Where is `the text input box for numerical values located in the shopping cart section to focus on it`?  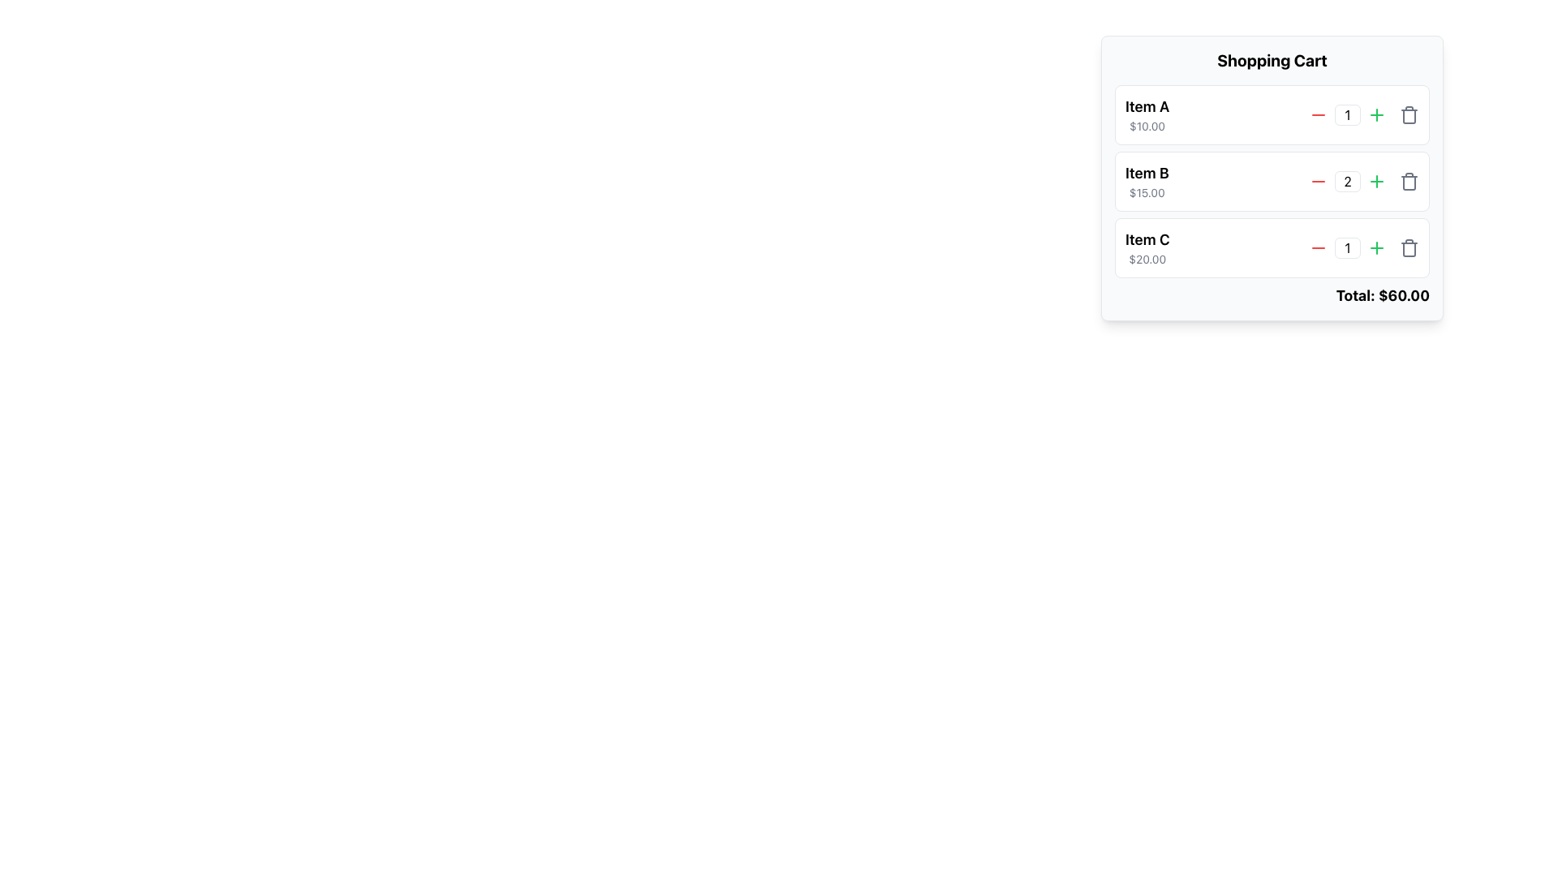 the text input box for numerical values located in the shopping cart section to focus on it is located at coordinates (1347, 114).